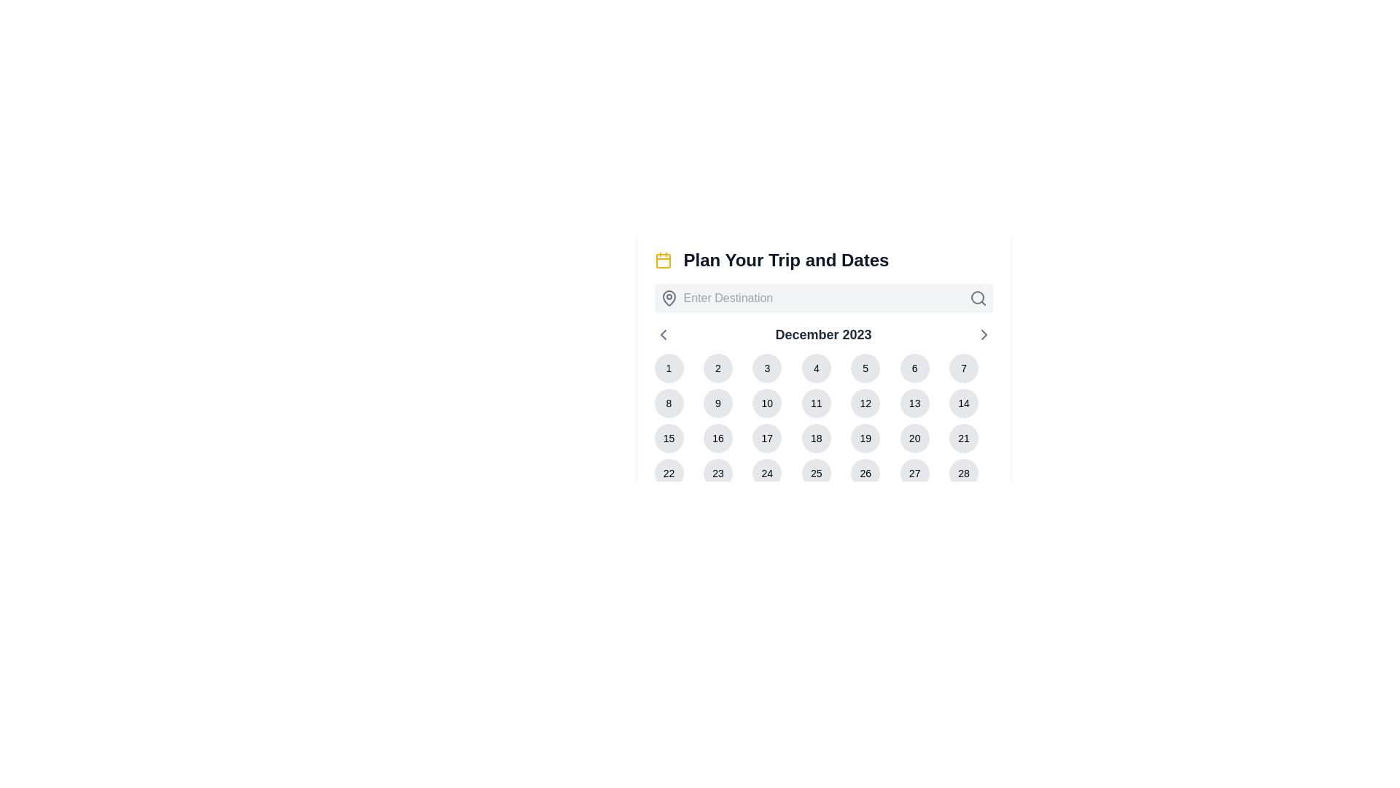  What do you see at coordinates (766, 403) in the screenshot?
I see `the date selection button representing the 10th day of the displayed month in the calendar UI by moving the cursor to its center` at bounding box center [766, 403].